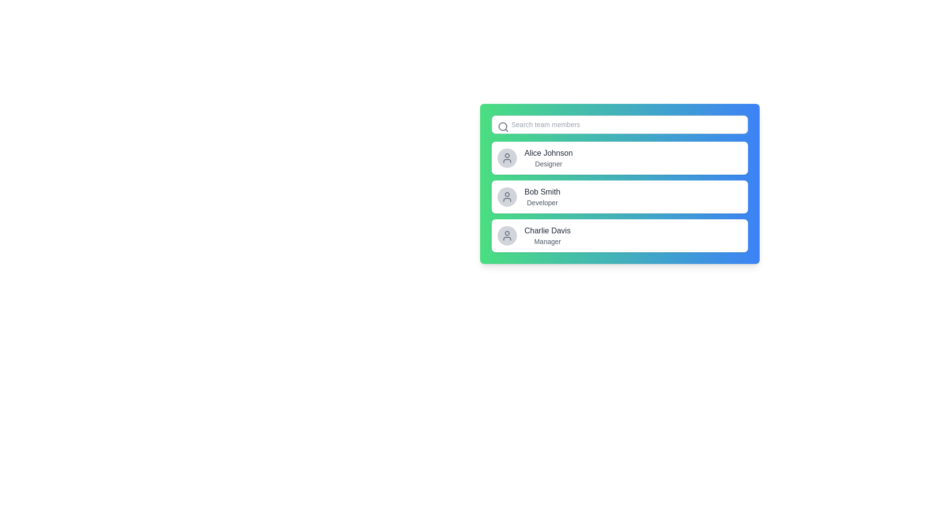 The image size is (932, 524). Describe the element at coordinates (506, 236) in the screenshot. I see `the Profile Icon, which is a circular icon with a gray background and a stylized human silhouette` at that location.